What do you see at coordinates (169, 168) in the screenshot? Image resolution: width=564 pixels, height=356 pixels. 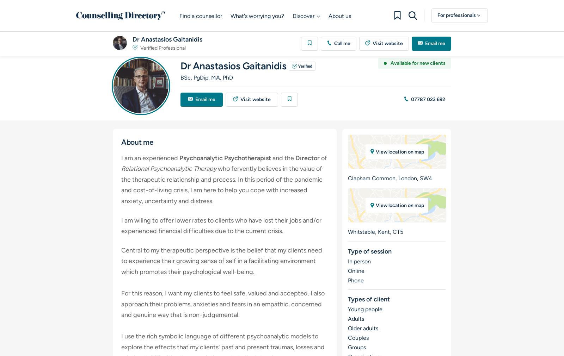 I see `'Relational Psychoanalytic Therapy'` at bounding box center [169, 168].